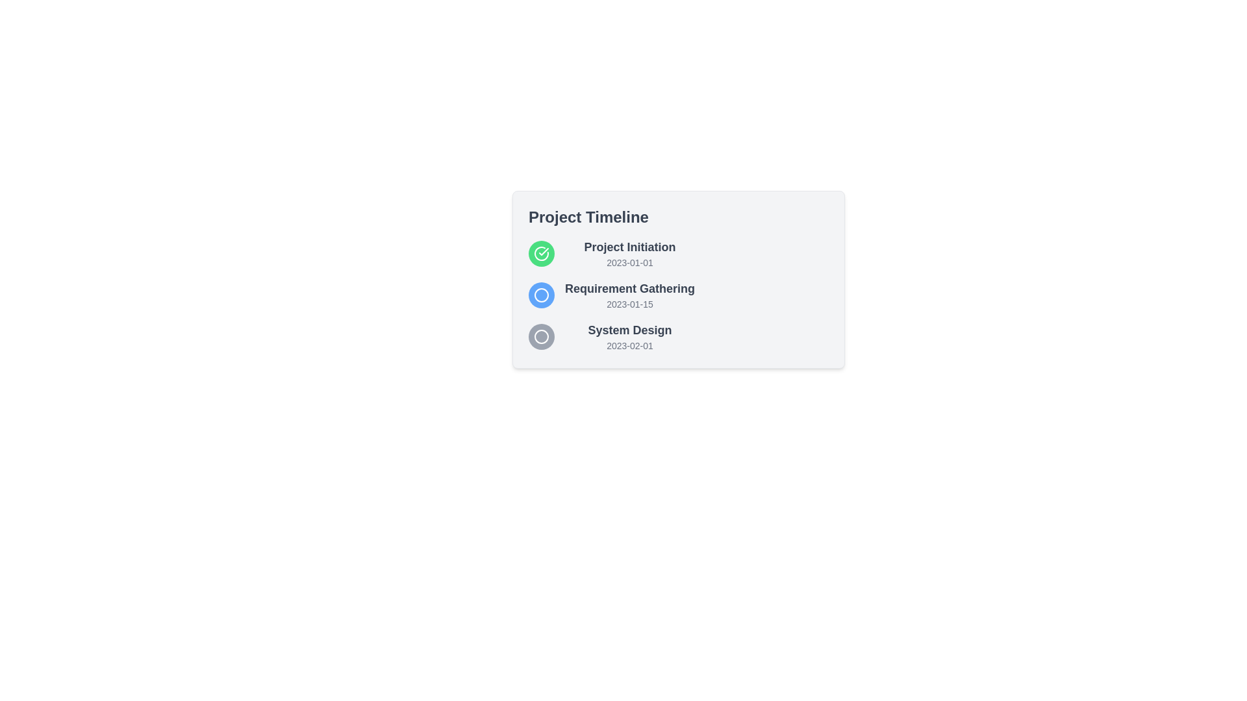 The image size is (1247, 701). What do you see at coordinates (629, 304) in the screenshot?
I see `text content of the text label displaying the date '2023-01-15', which is styled in gray and positioned below the bold title 'Requirement Gathering' in the timeline structure` at bounding box center [629, 304].